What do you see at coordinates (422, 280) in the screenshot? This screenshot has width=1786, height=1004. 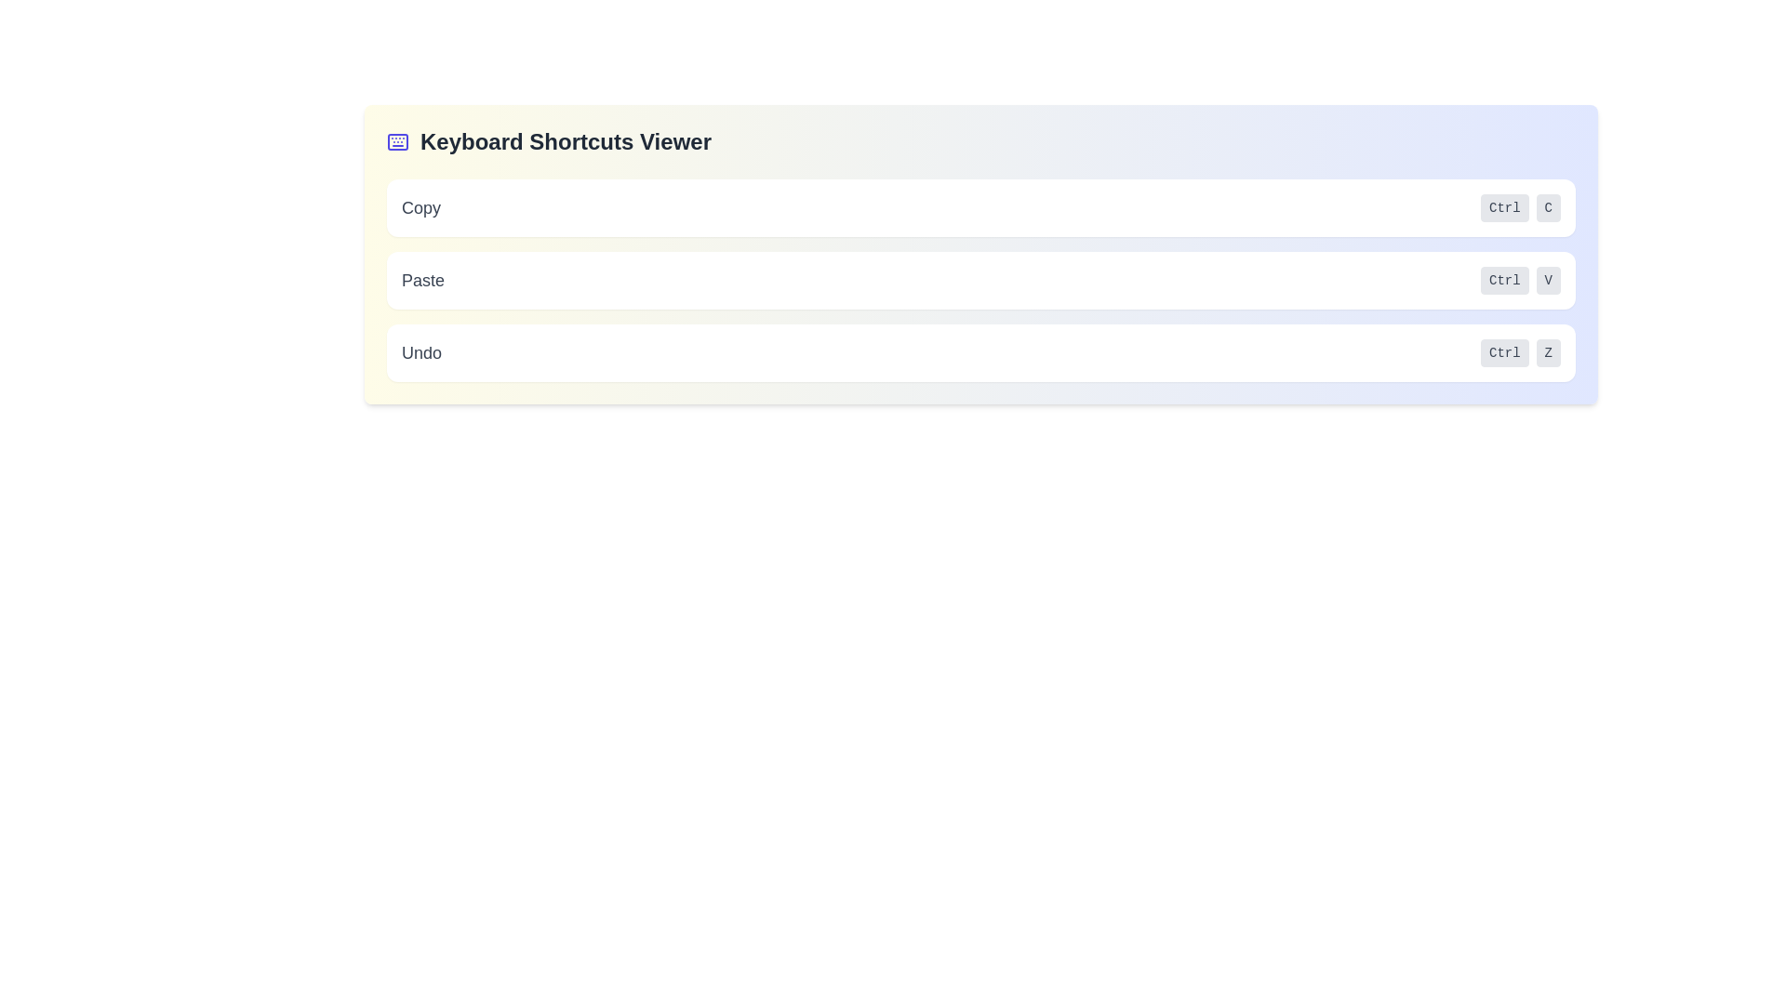 I see `the text label that serves as a title for the associated keyboard shortcut action, located in the leftmost position of the second row in the command shortcuts layout` at bounding box center [422, 280].